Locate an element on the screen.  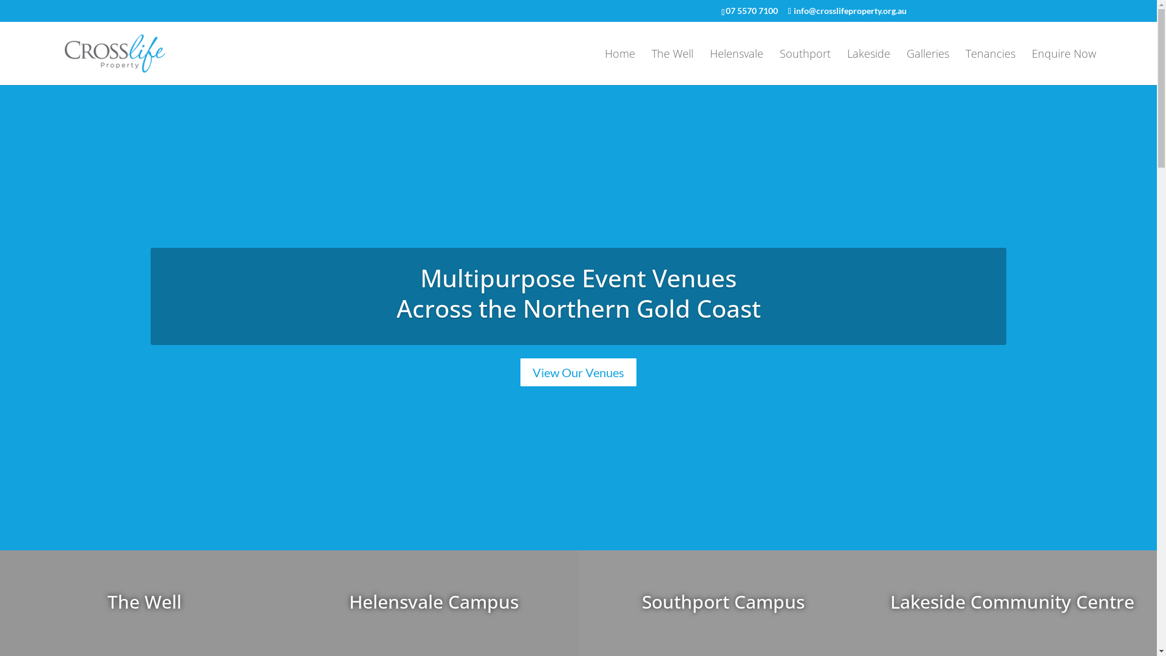
'Galleries' is located at coordinates (927, 67).